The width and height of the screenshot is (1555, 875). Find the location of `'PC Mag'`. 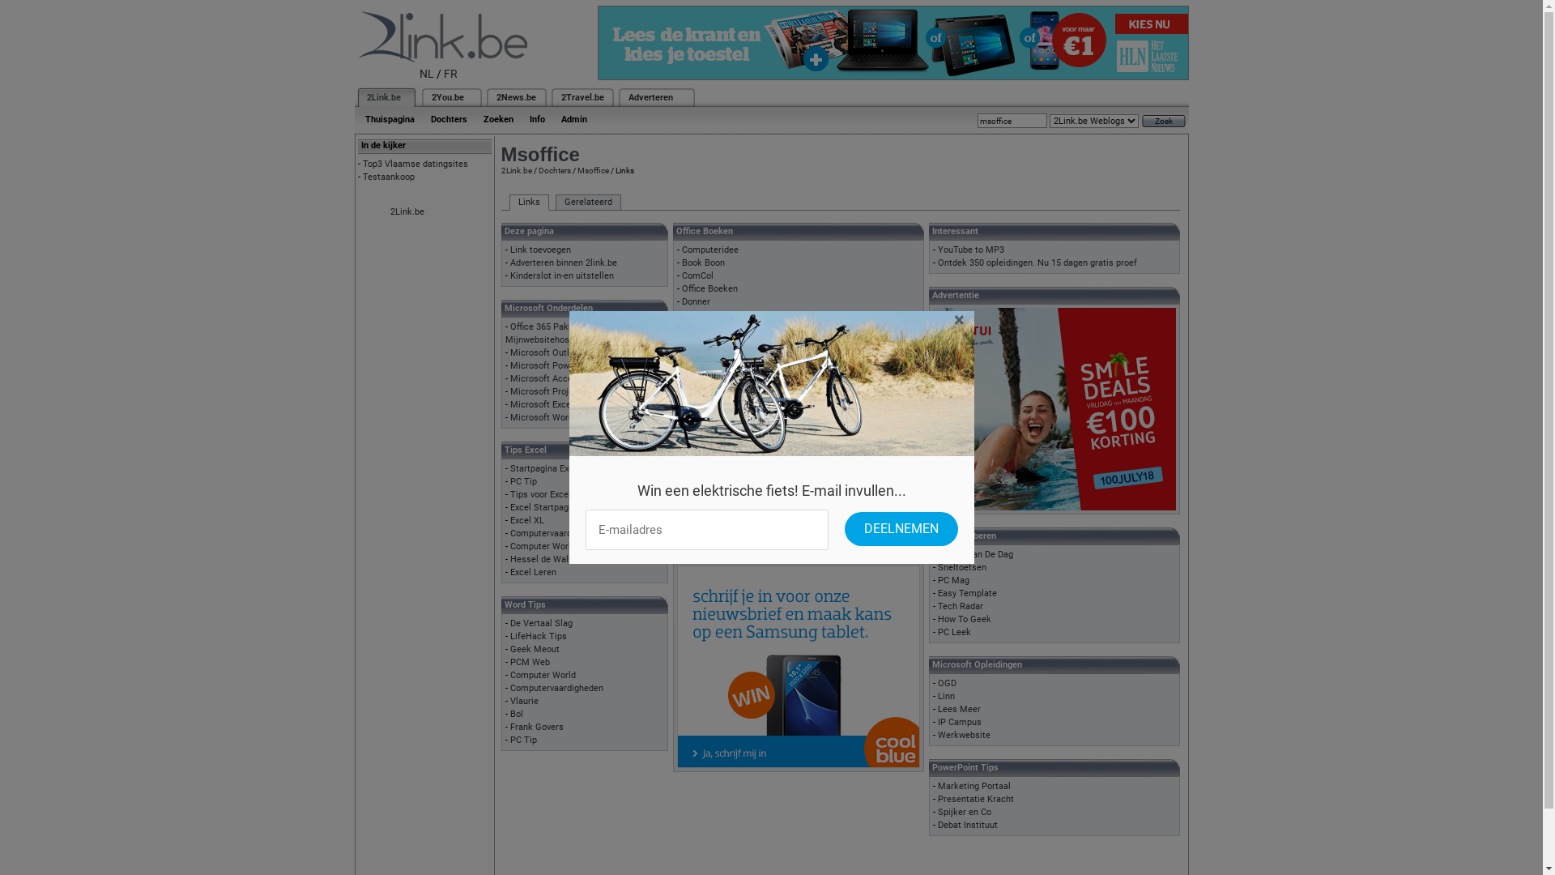

'PC Mag' is located at coordinates (953, 579).